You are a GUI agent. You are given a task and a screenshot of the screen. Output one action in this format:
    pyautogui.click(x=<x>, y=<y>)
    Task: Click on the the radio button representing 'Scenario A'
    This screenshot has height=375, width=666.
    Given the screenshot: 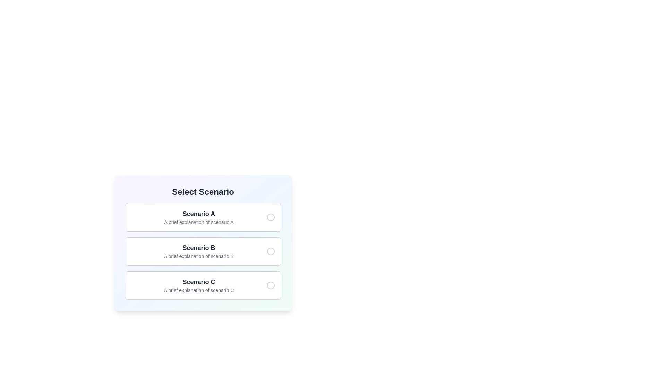 What is the action you would take?
    pyautogui.click(x=270, y=217)
    